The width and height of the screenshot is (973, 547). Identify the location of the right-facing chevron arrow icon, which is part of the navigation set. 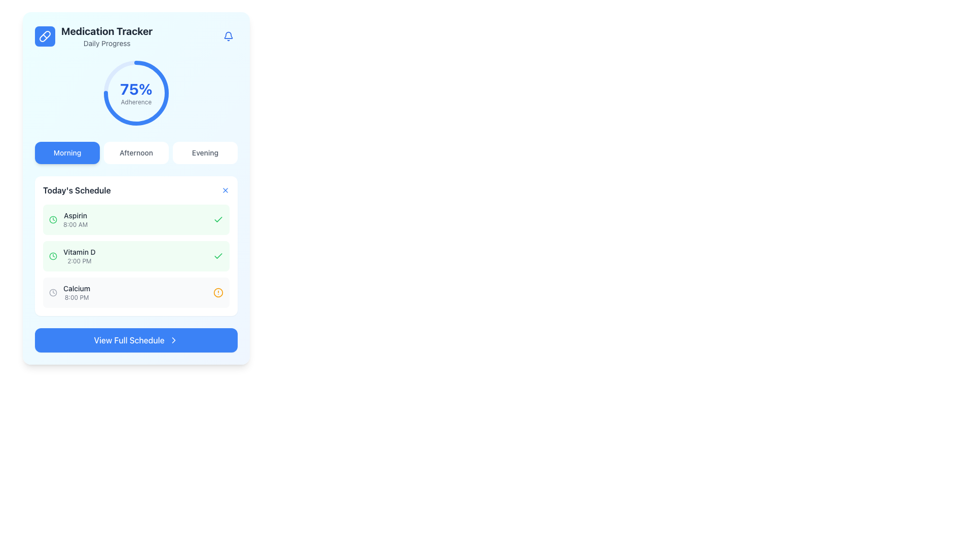
(173, 340).